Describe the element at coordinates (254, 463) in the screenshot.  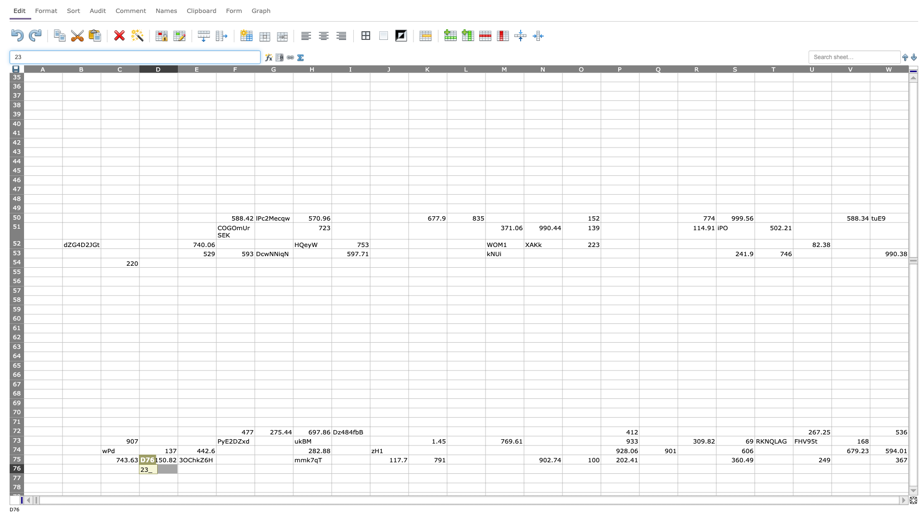
I see `Northwest corner of cell G76` at that location.